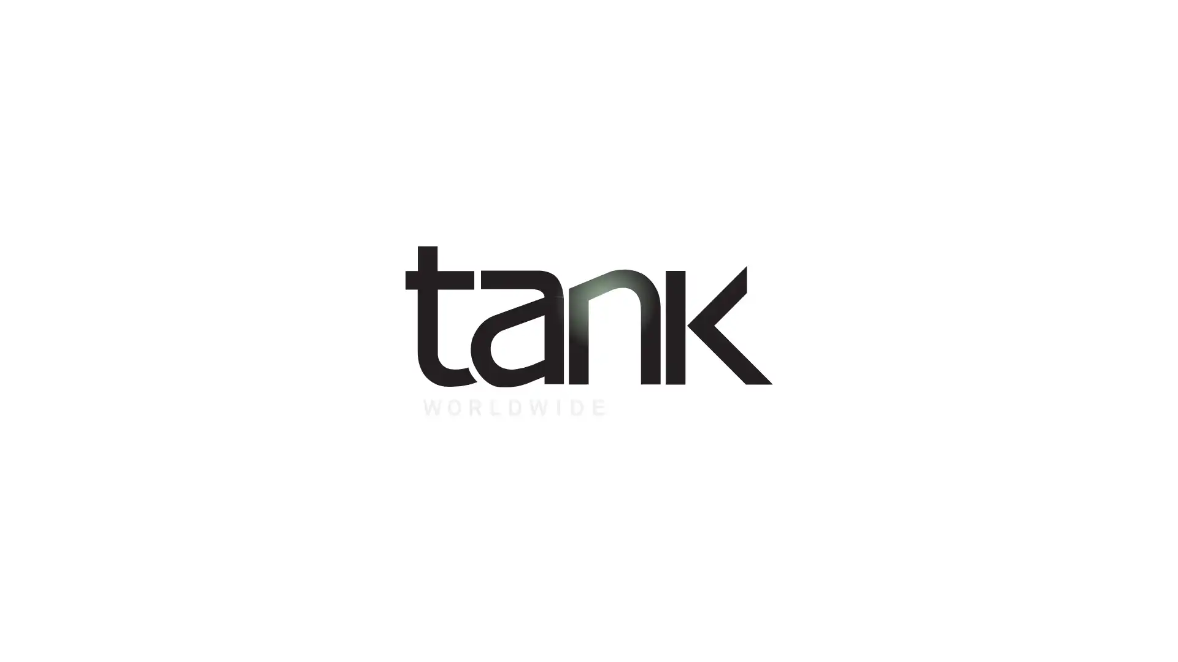 This screenshot has width=1178, height=662. Describe the element at coordinates (995, 642) in the screenshot. I see `Accept All Cookies` at that location.